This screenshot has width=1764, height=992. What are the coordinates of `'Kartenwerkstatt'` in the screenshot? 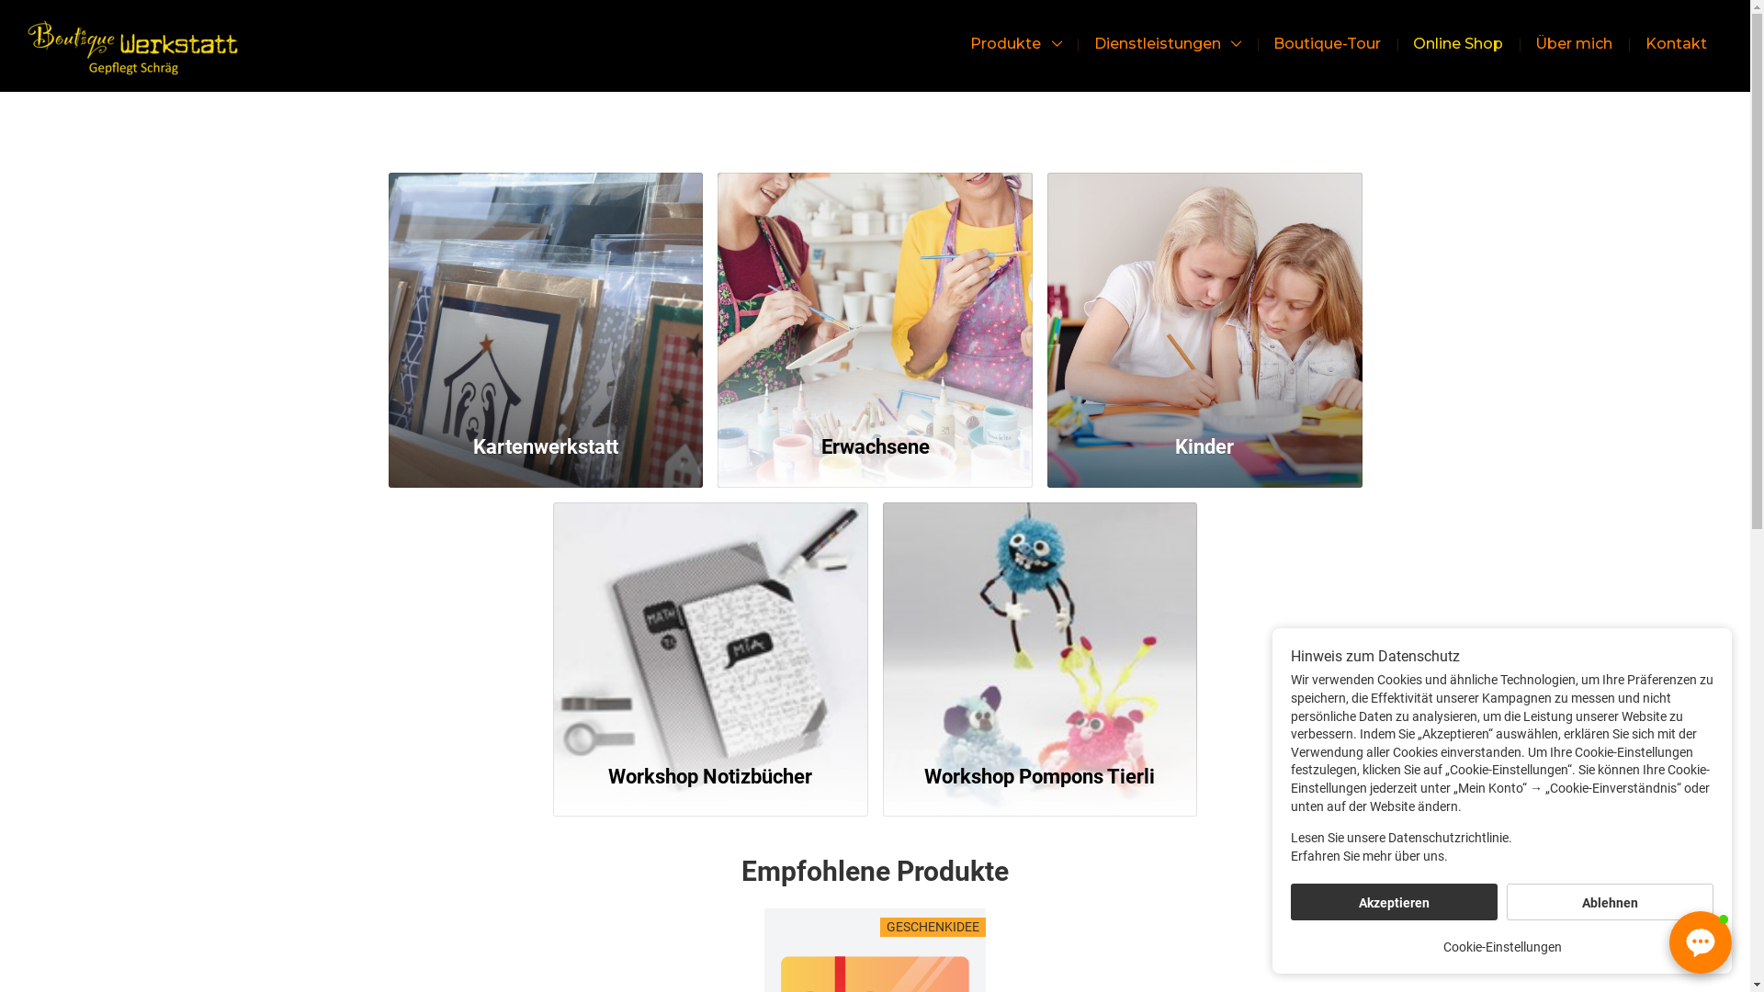 It's located at (545, 292).